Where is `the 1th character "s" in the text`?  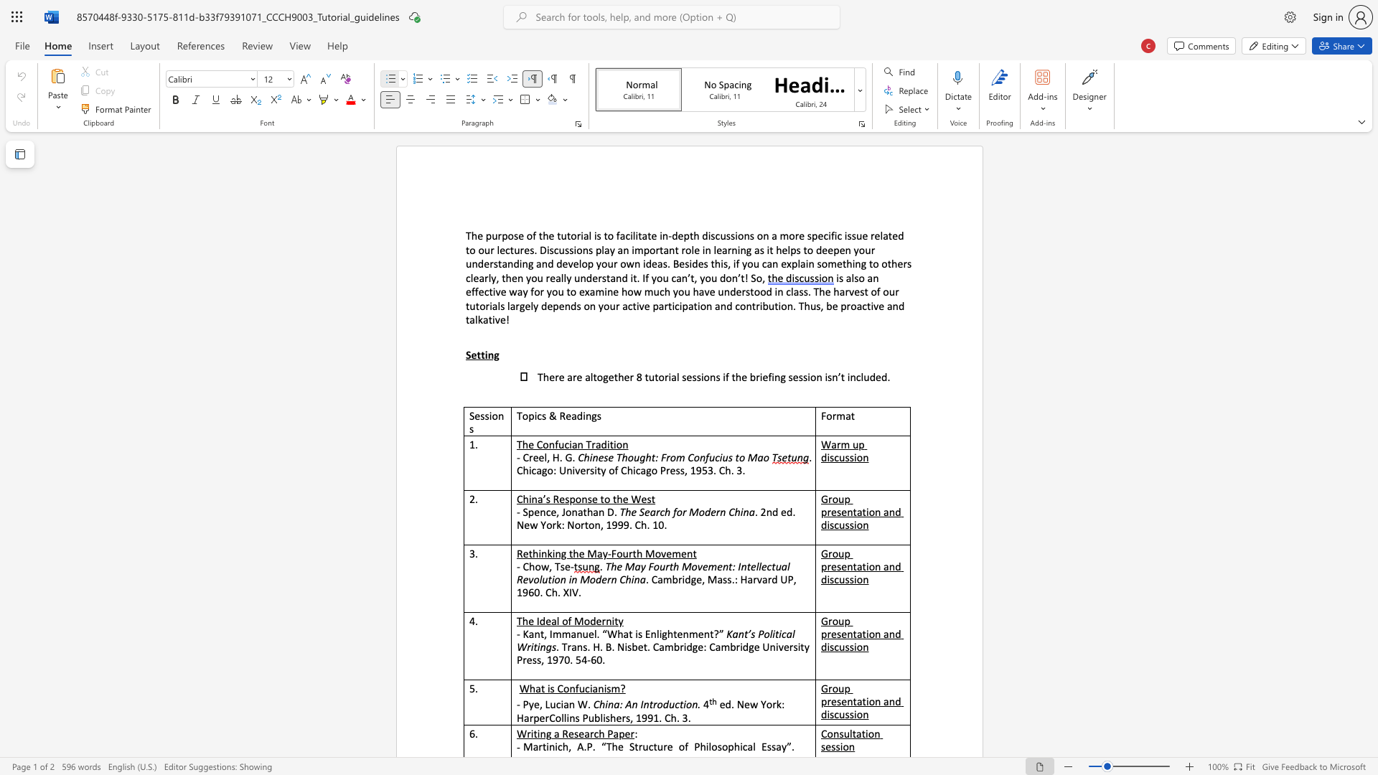
the 1th character "s" in the text is located at coordinates (606, 457).